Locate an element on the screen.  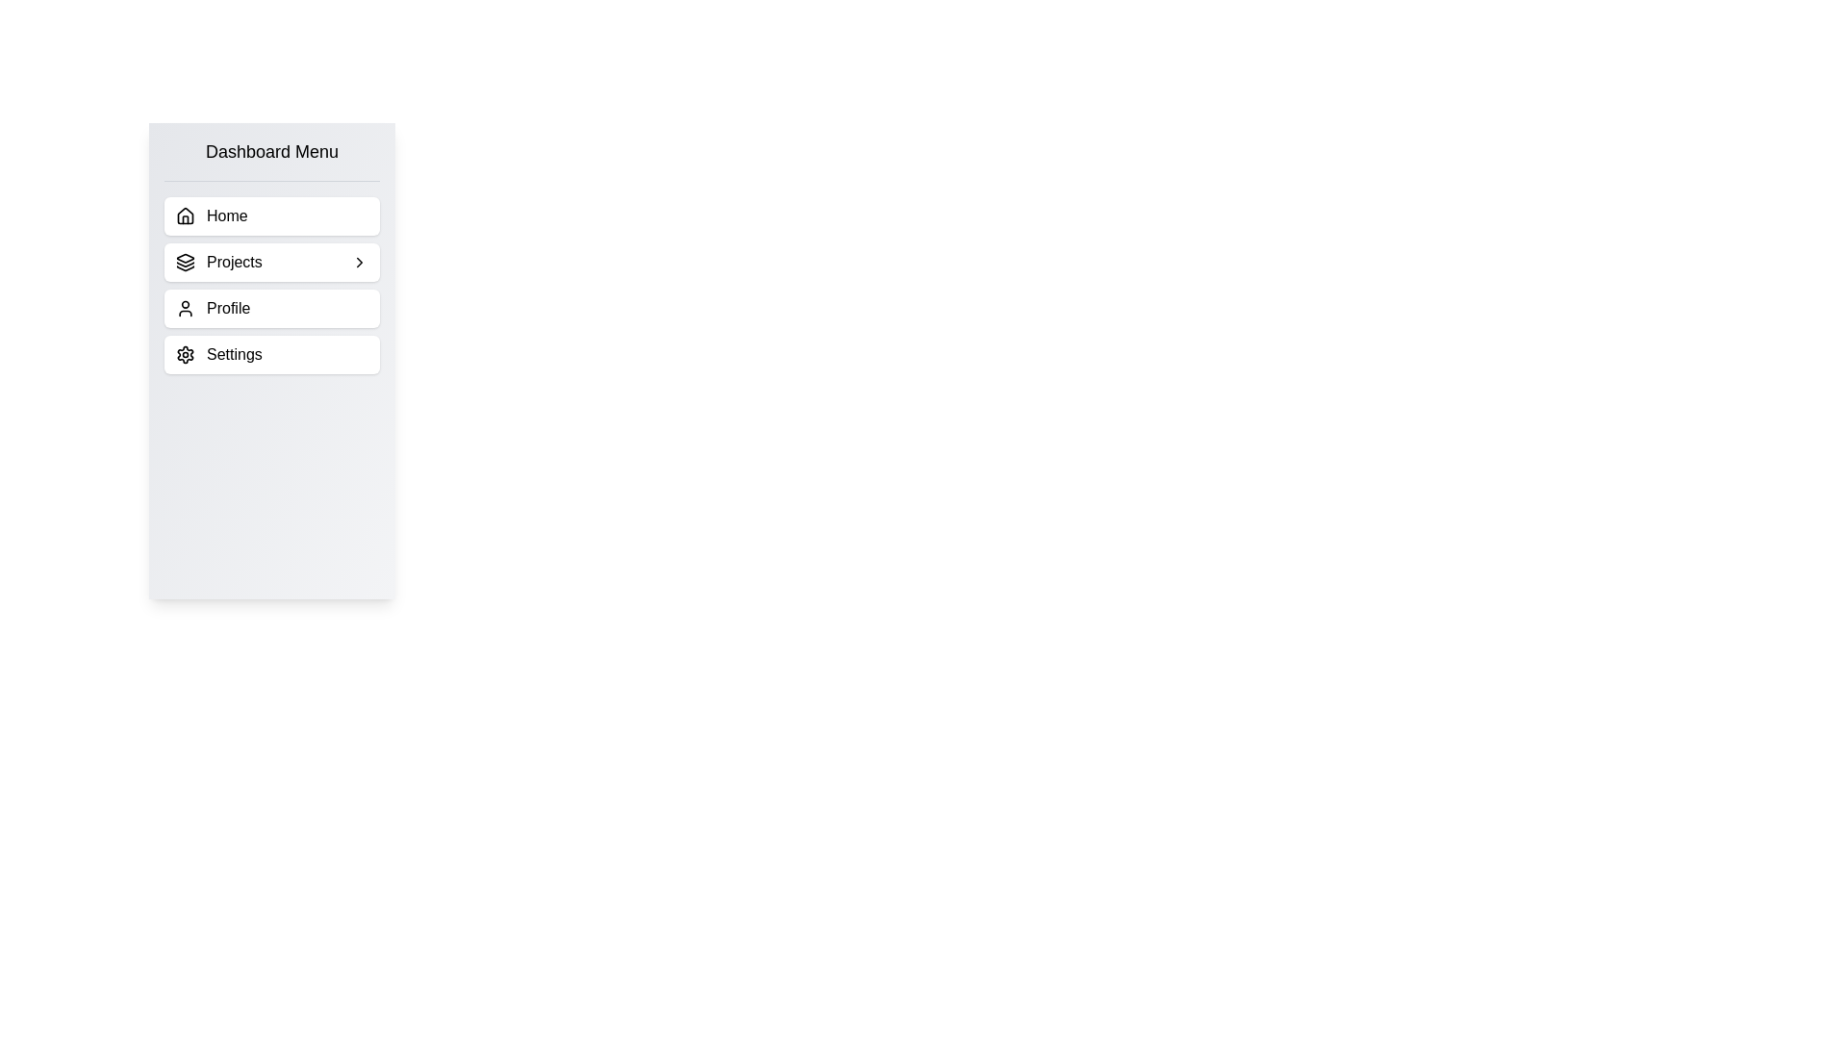
the house icon element located to the left of the word 'Home' in the dashboard menu by moving the cursor to its center point is located at coordinates (185, 215).